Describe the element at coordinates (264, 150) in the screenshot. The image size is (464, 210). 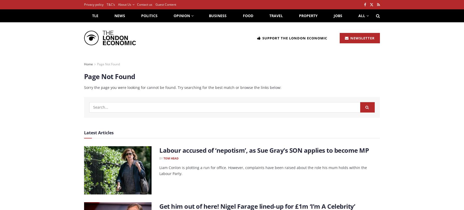
I see `'Labour accused of ‘nepotism’, as Sue Gray’s SON applies to become MP'` at that location.